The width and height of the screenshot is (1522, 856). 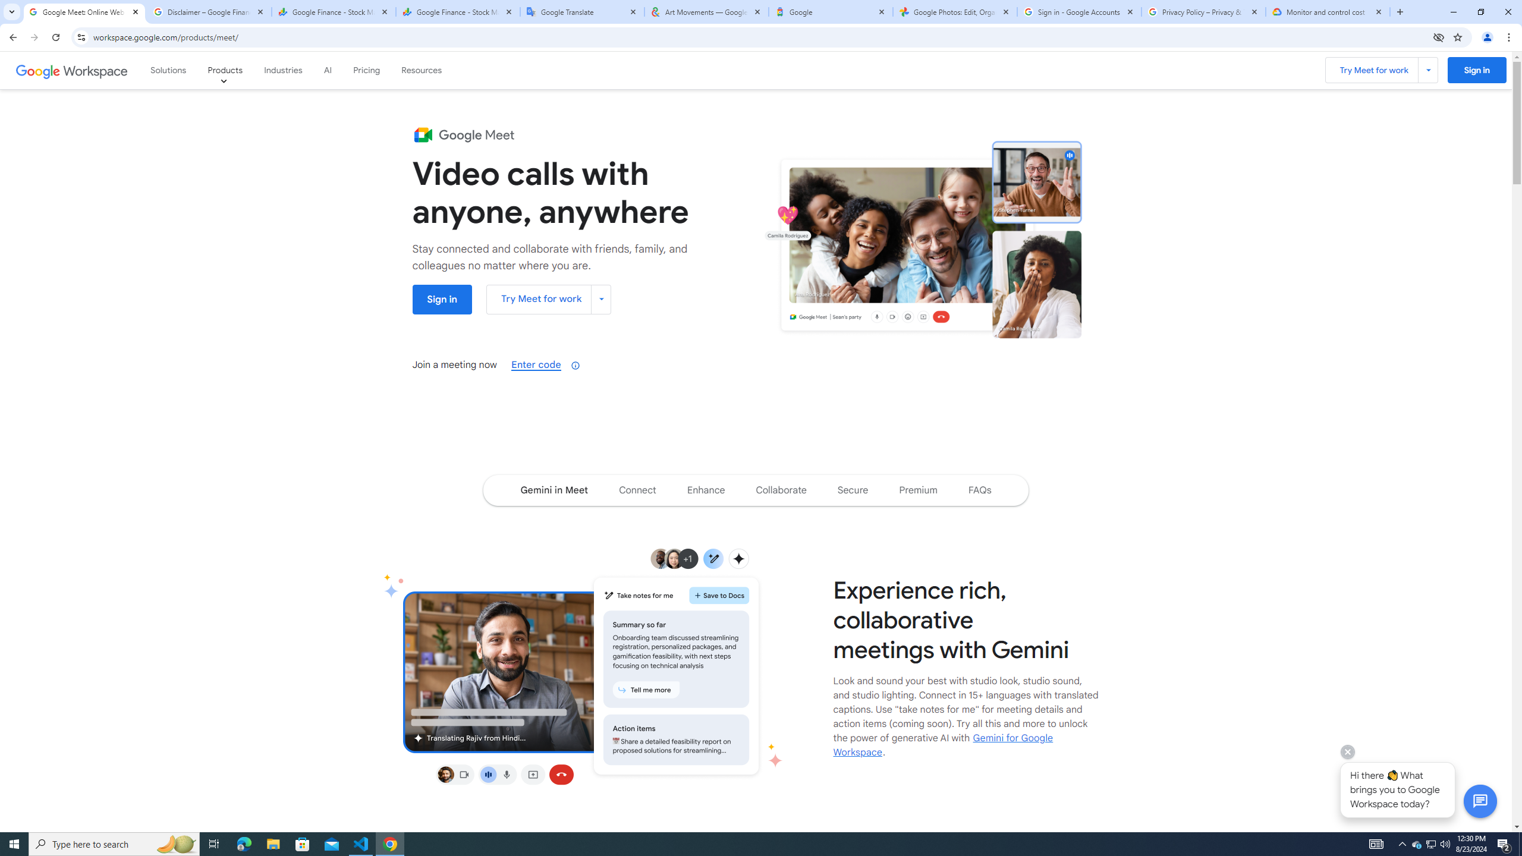 What do you see at coordinates (225, 70) in the screenshot?
I see `'Products'` at bounding box center [225, 70].